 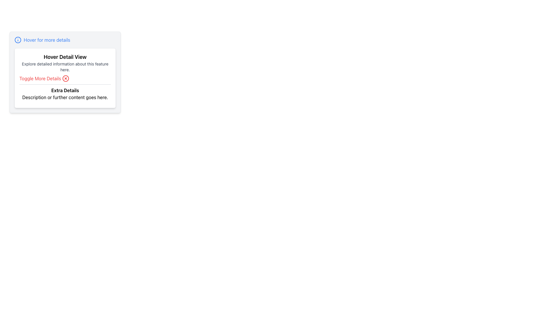 I want to click on the toggle button located within the white card interface at the bottom of the 'Hover Detail View' heading, so click(x=44, y=78).